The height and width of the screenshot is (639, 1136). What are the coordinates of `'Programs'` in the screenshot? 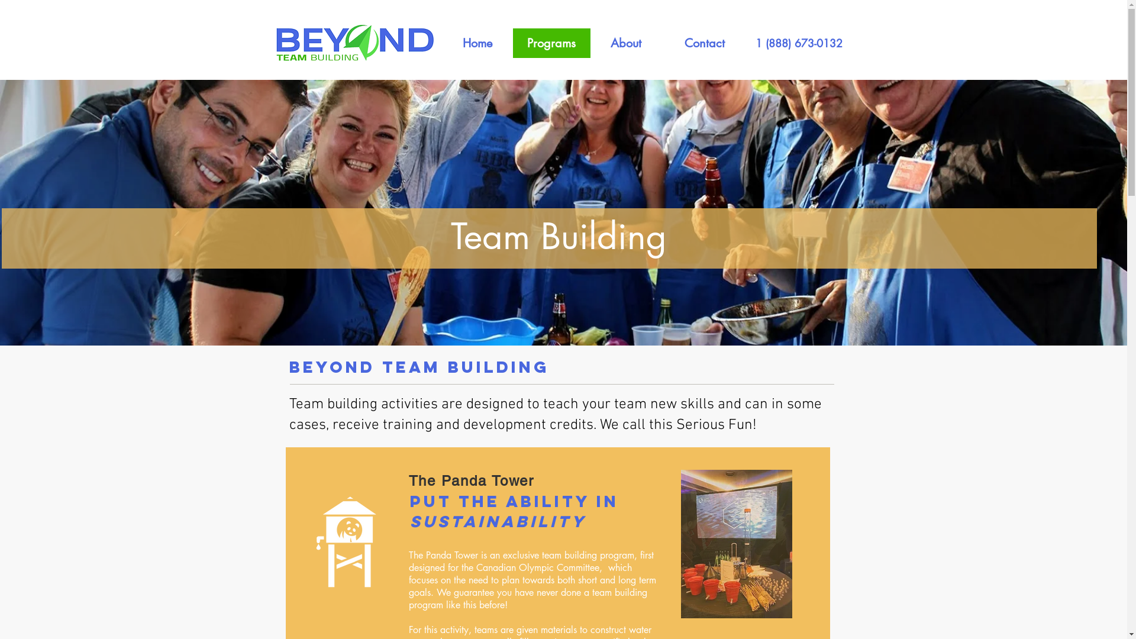 It's located at (512, 43).